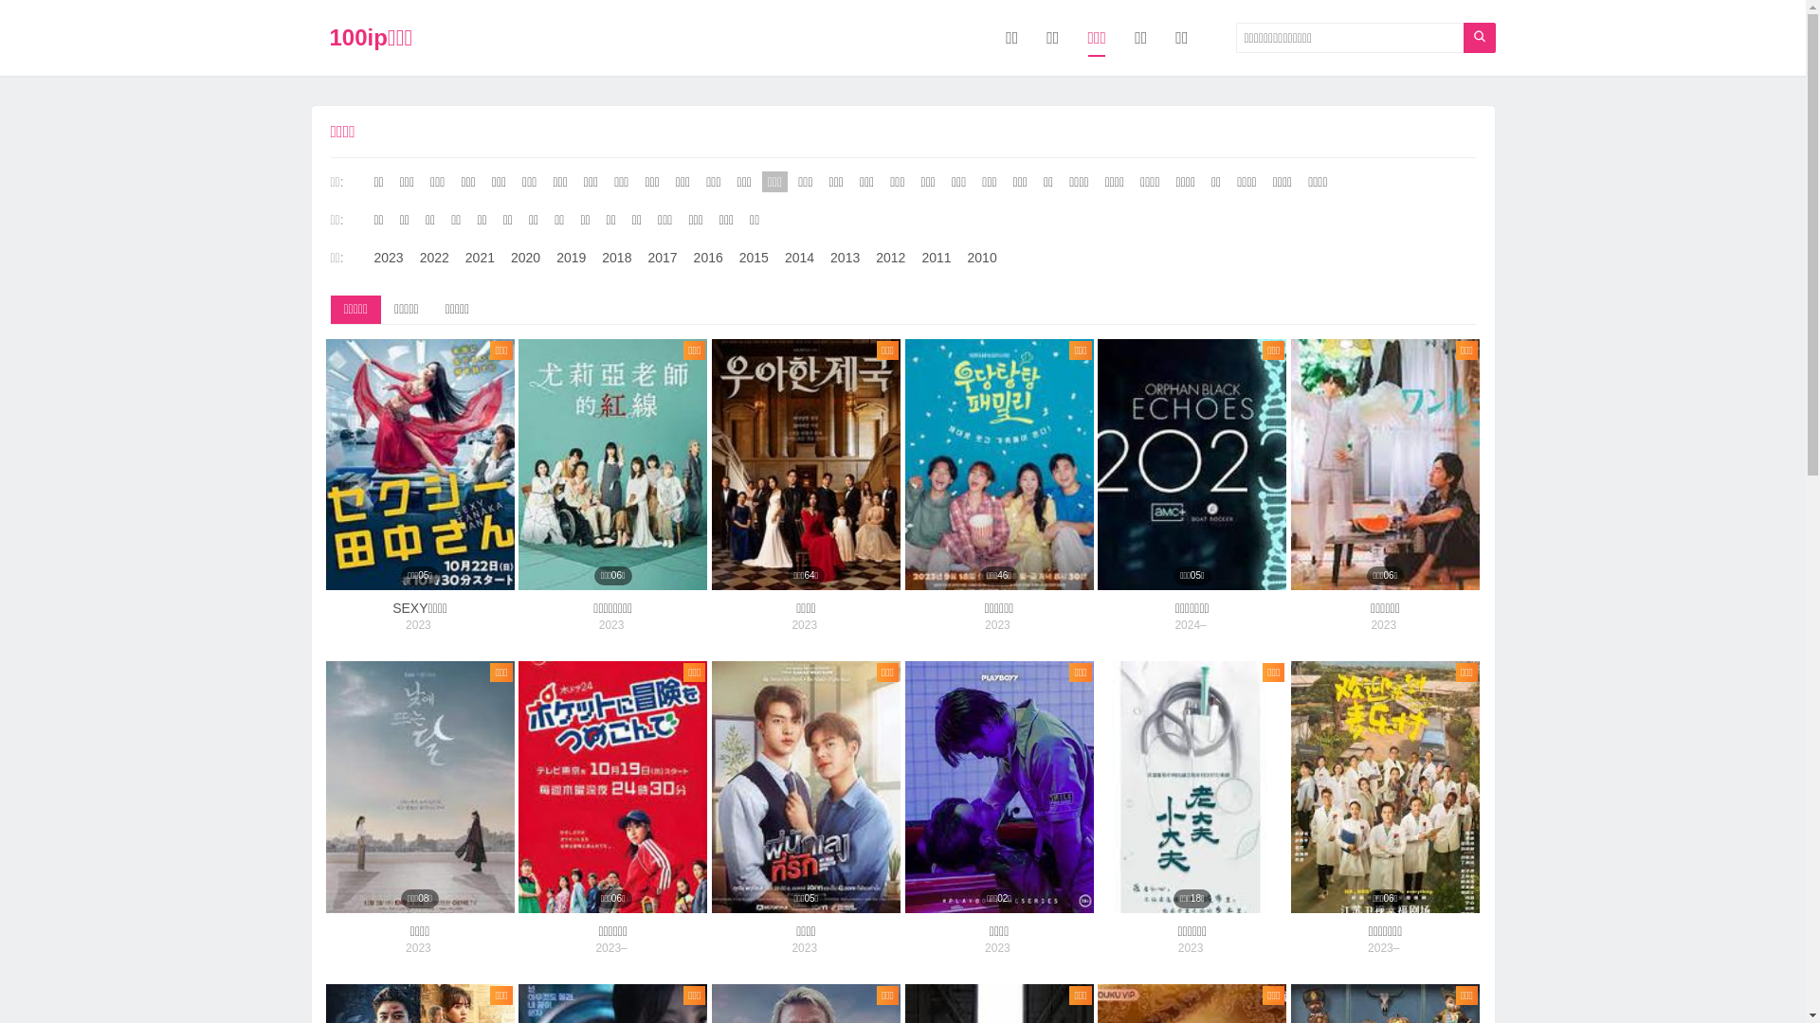 This screenshot has width=1820, height=1023. I want to click on '2020', so click(525, 258).